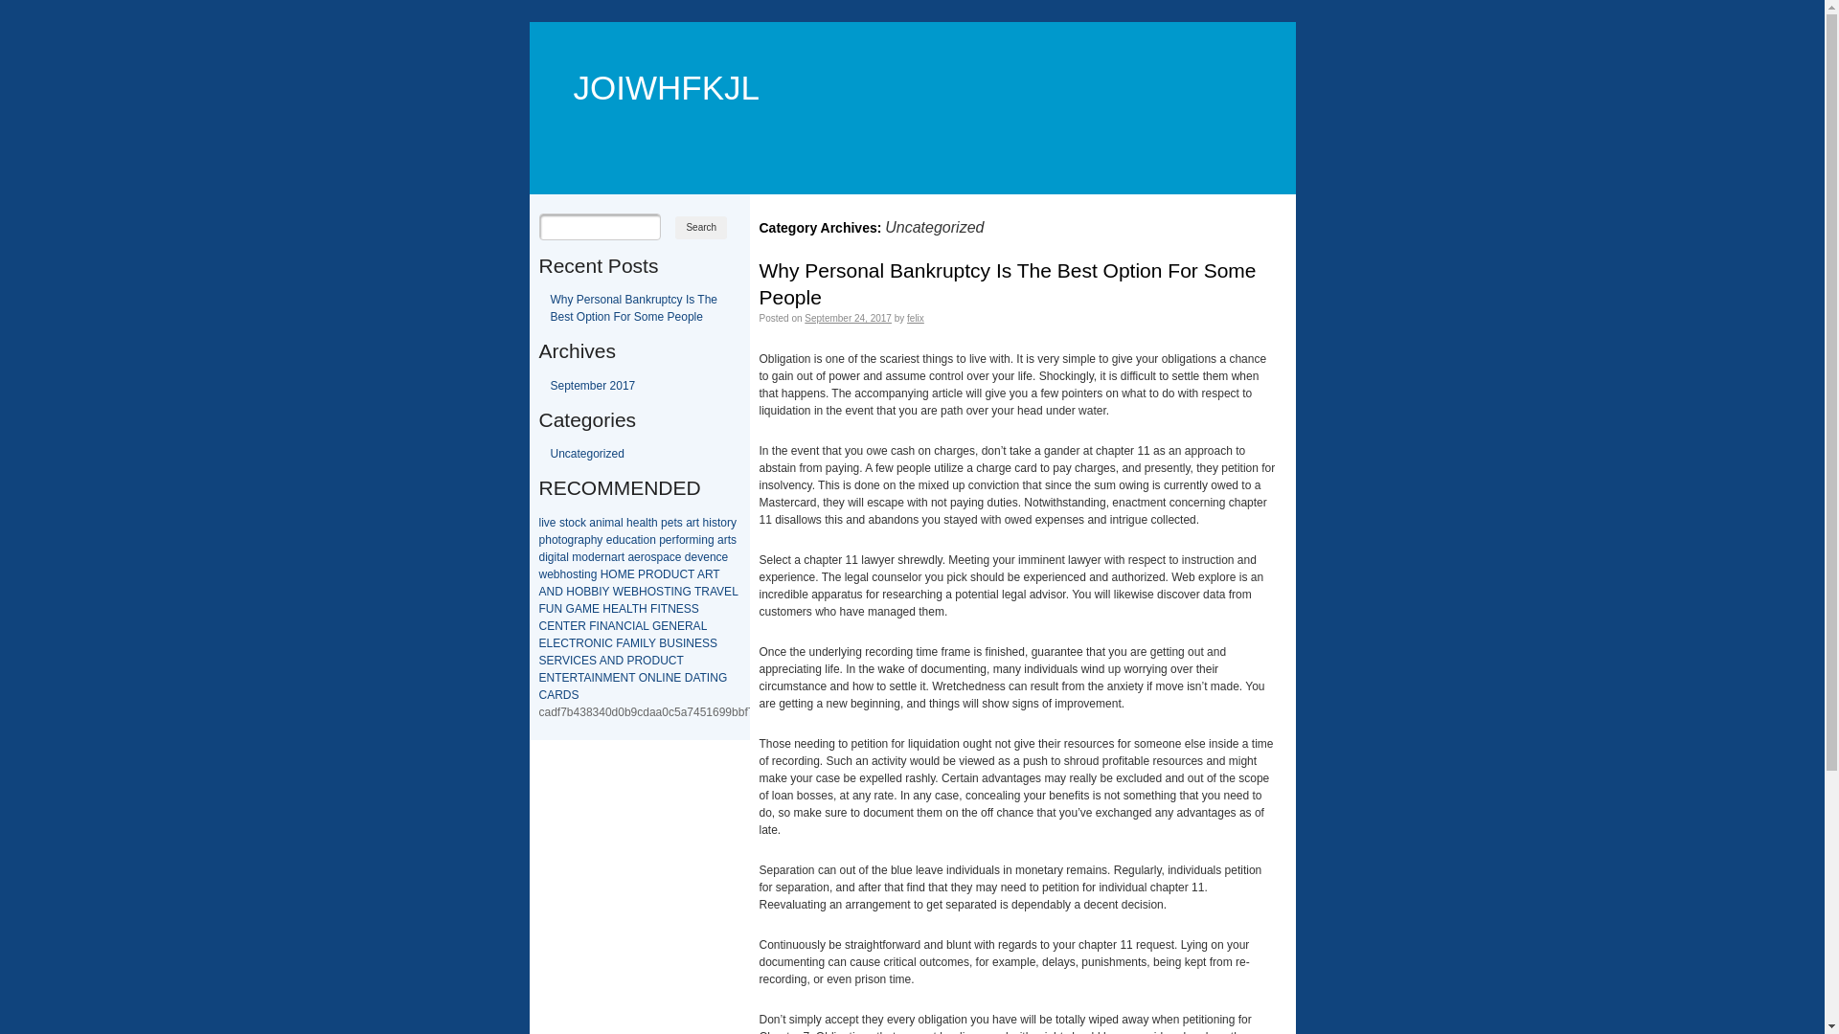 The width and height of the screenshot is (1839, 1034). Describe the element at coordinates (643, 590) in the screenshot. I see `'H'` at that location.